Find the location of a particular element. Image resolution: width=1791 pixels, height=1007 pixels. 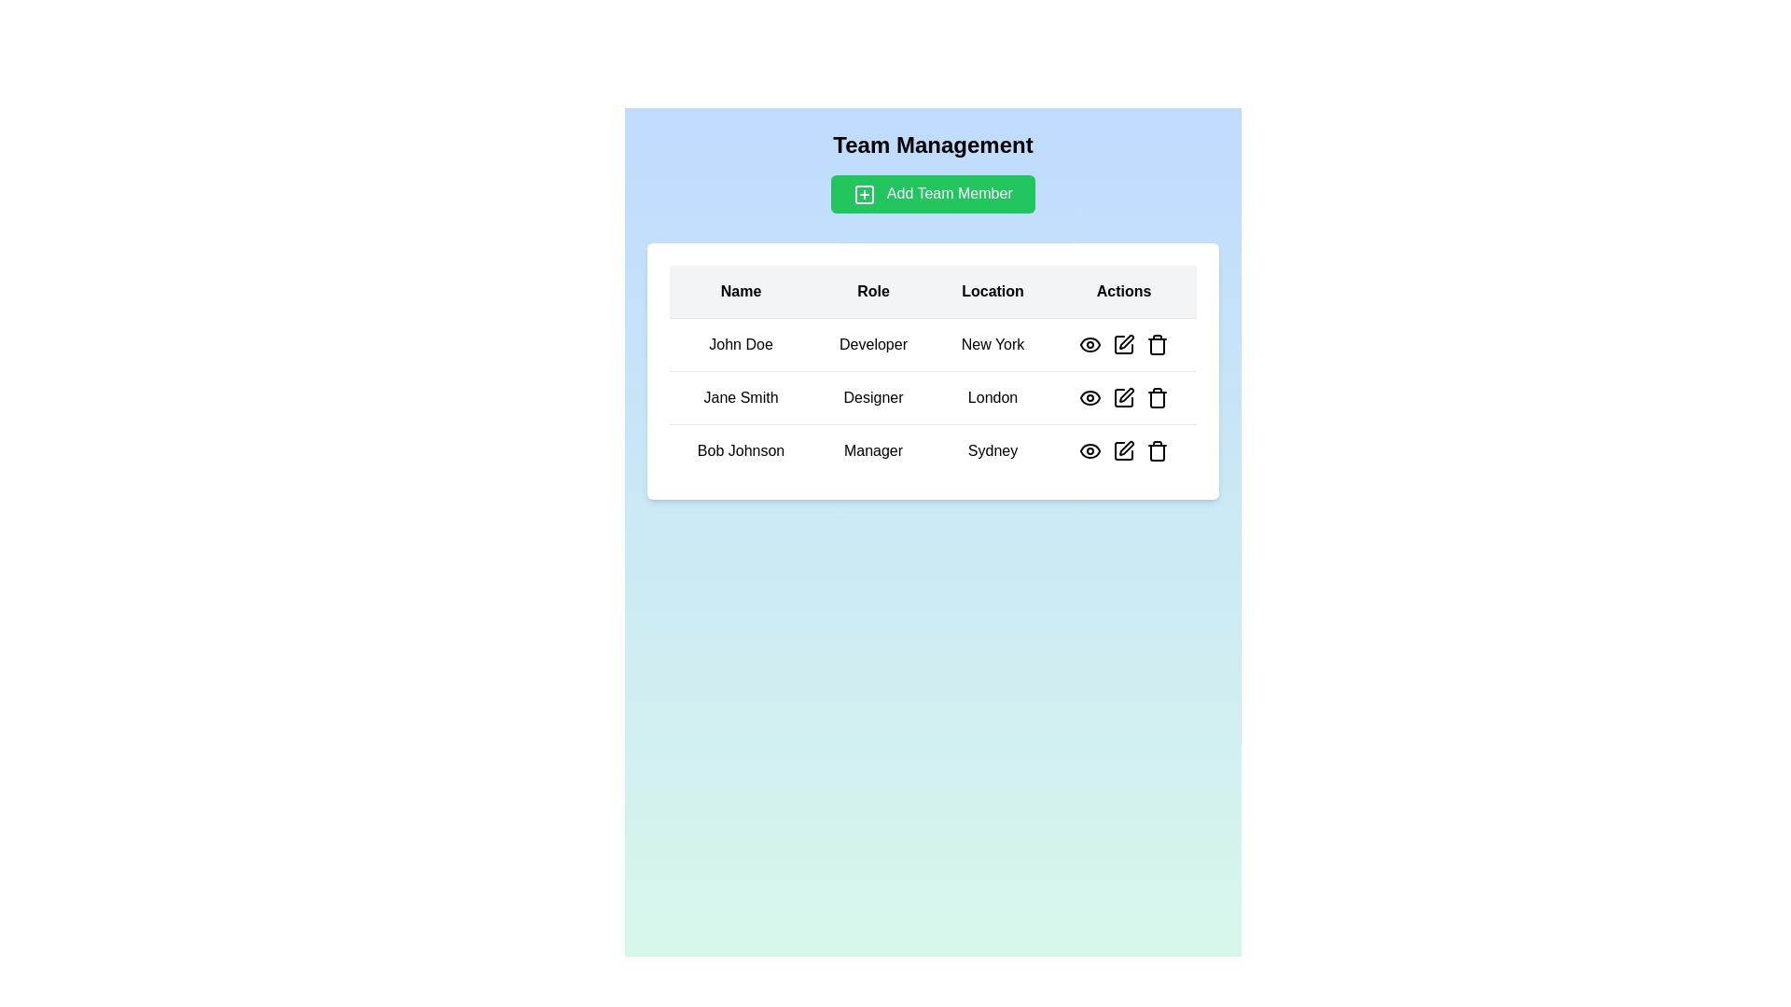

the static text label indicating the role of the person listed in the first row of the table, which is located between 'John Doe' and 'New York' is located at coordinates (872, 344).